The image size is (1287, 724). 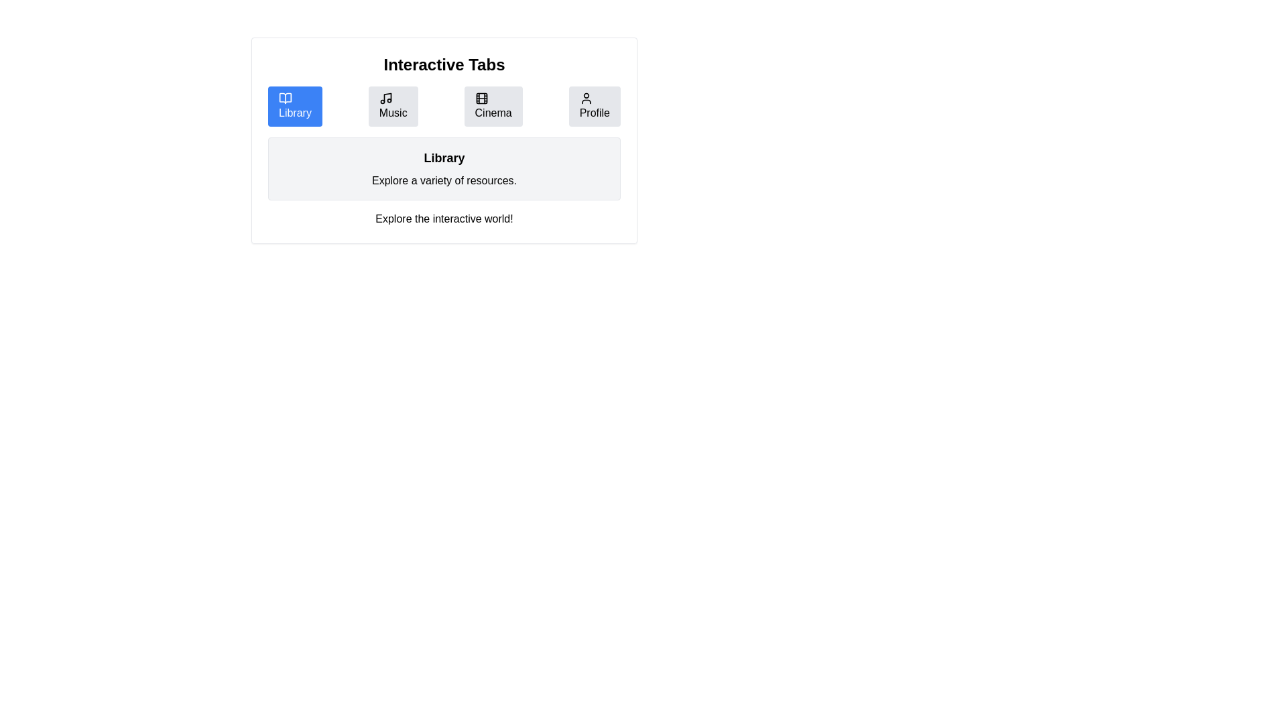 I want to click on the Profile tab by clicking on its button, so click(x=594, y=105).